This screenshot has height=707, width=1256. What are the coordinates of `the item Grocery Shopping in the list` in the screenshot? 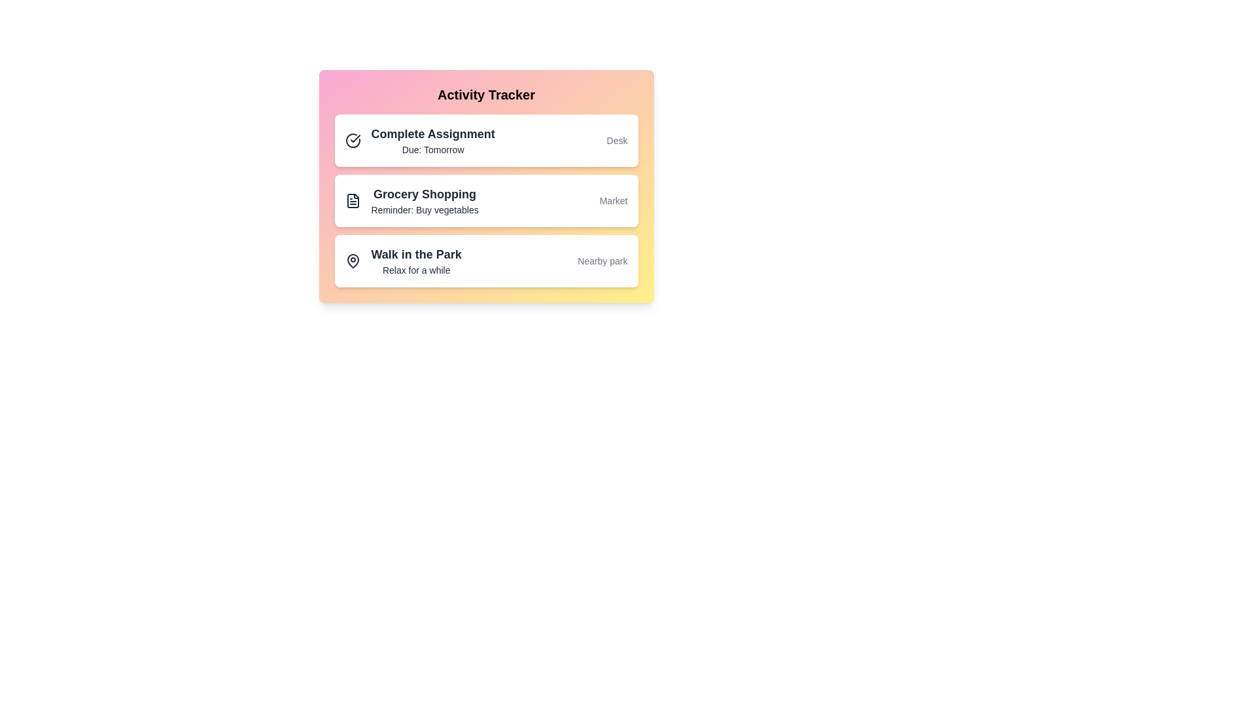 It's located at (485, 201).